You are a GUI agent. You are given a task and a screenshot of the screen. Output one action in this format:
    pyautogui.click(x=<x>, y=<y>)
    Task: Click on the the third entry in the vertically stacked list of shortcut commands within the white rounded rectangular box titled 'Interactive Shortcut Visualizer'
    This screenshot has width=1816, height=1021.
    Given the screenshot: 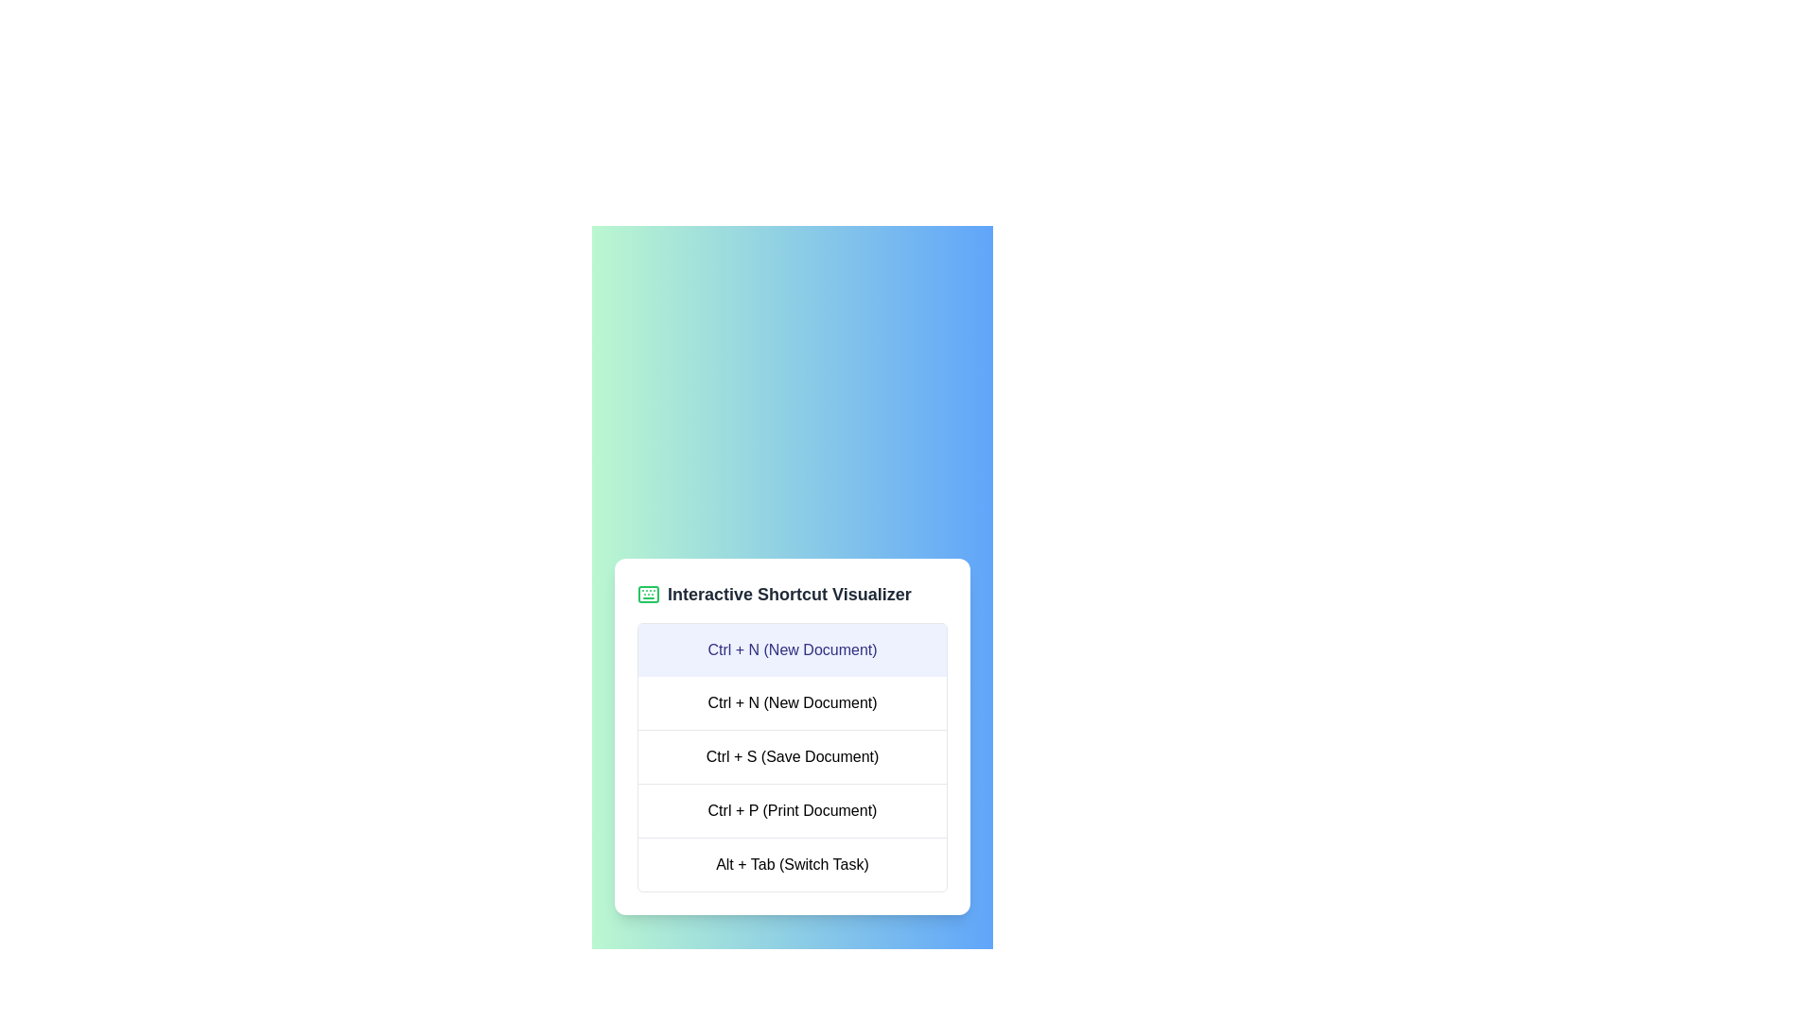 What is the action you would take?
    pyautogui.click(x=793, y=735)
    